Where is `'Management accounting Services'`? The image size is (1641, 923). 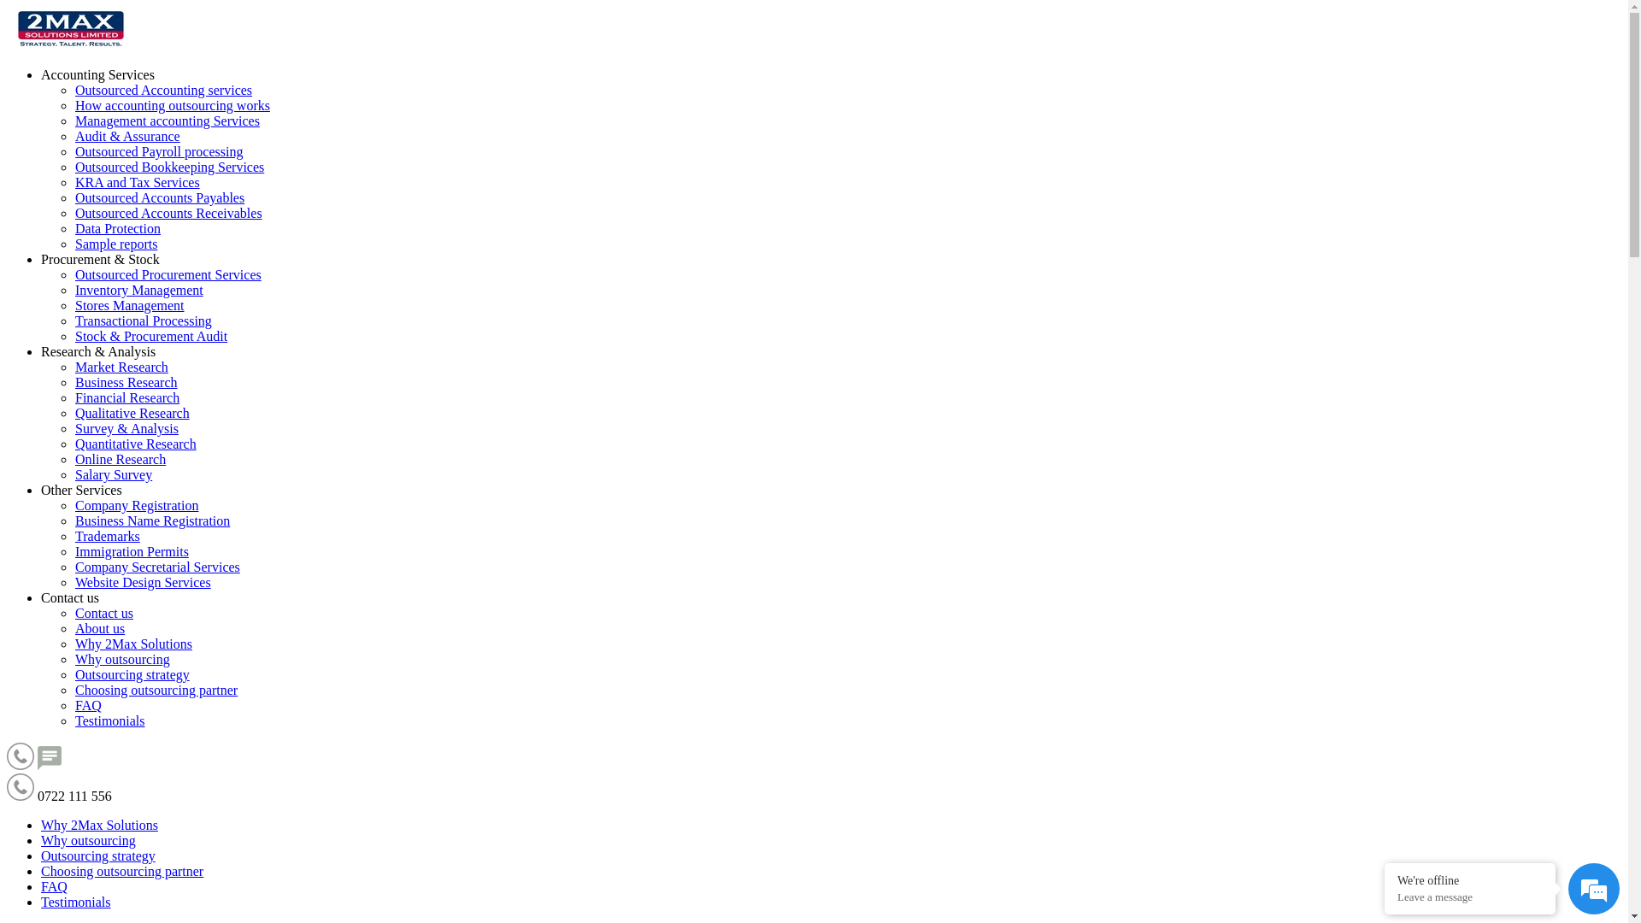
'Management accounting Services' is located at coordinates (168, 120).